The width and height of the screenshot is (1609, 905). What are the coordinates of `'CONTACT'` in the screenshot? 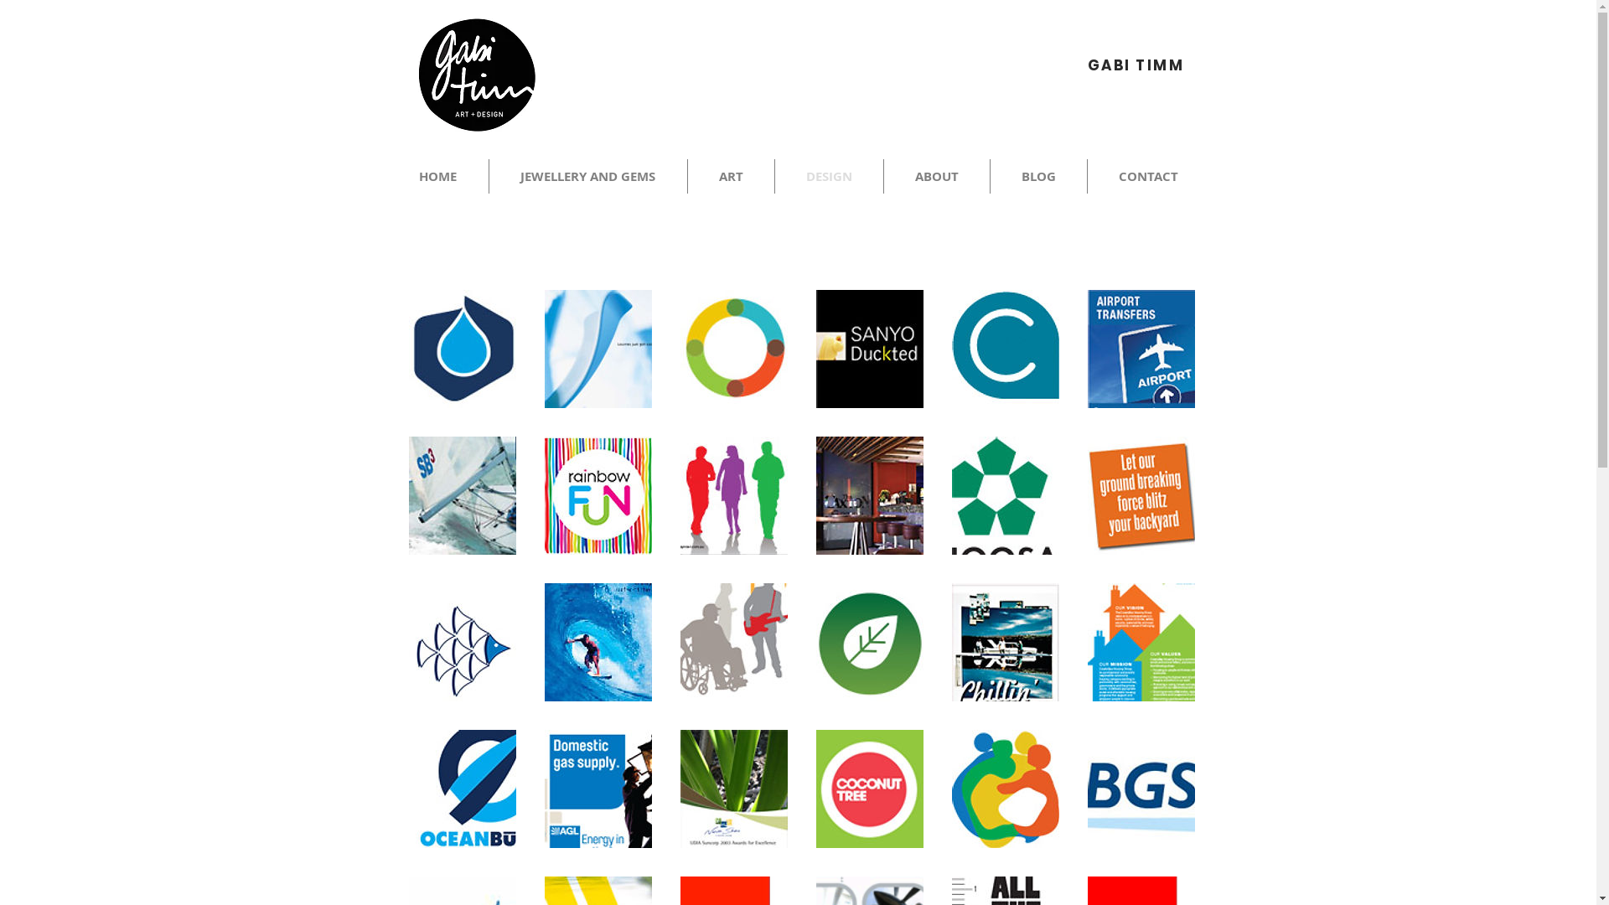 It's located at (1147, 176).